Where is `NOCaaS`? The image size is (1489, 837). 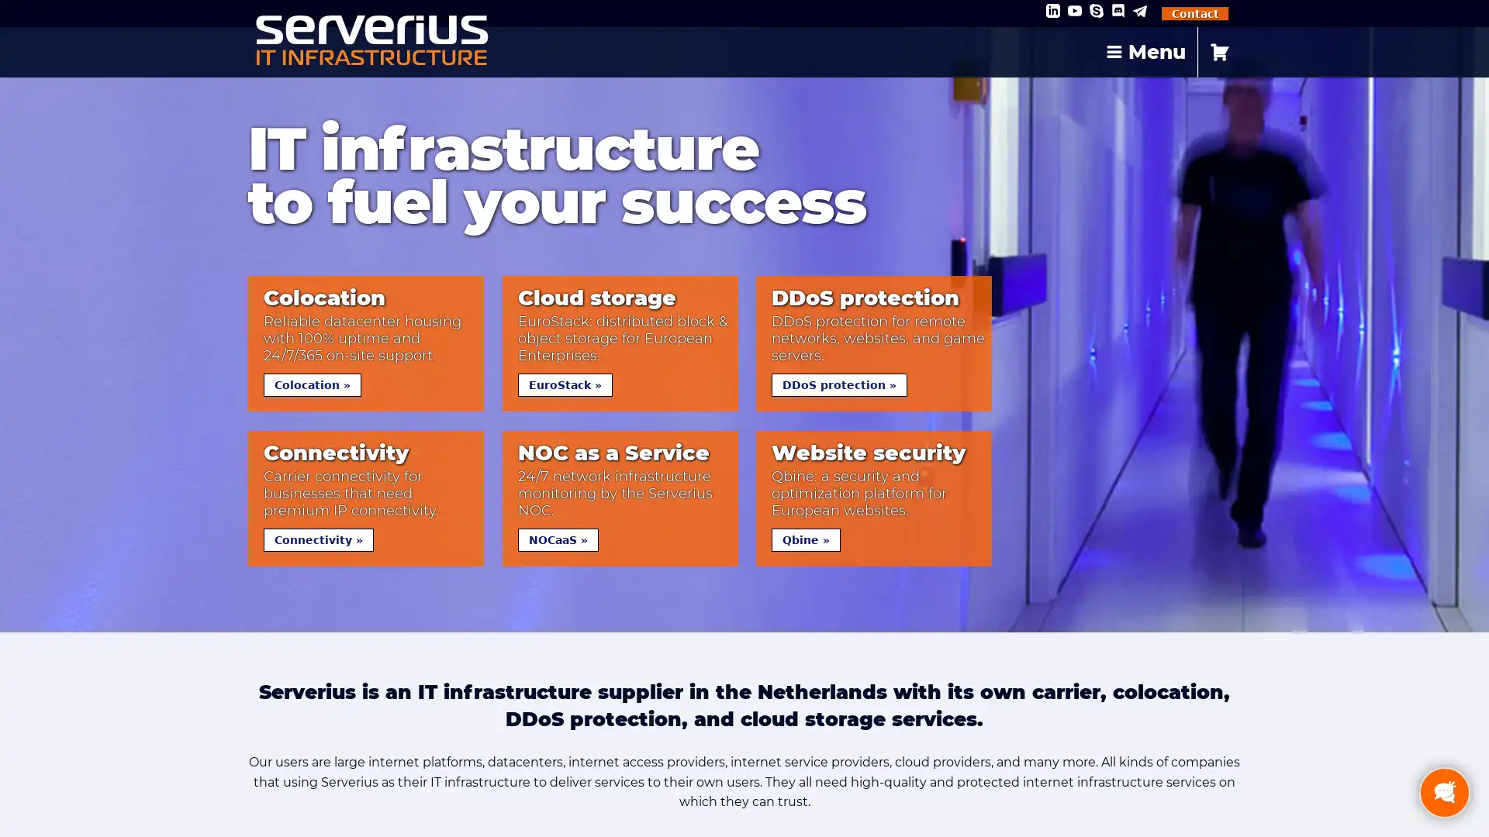
NOCaaS is located at coordinates (558, 538).